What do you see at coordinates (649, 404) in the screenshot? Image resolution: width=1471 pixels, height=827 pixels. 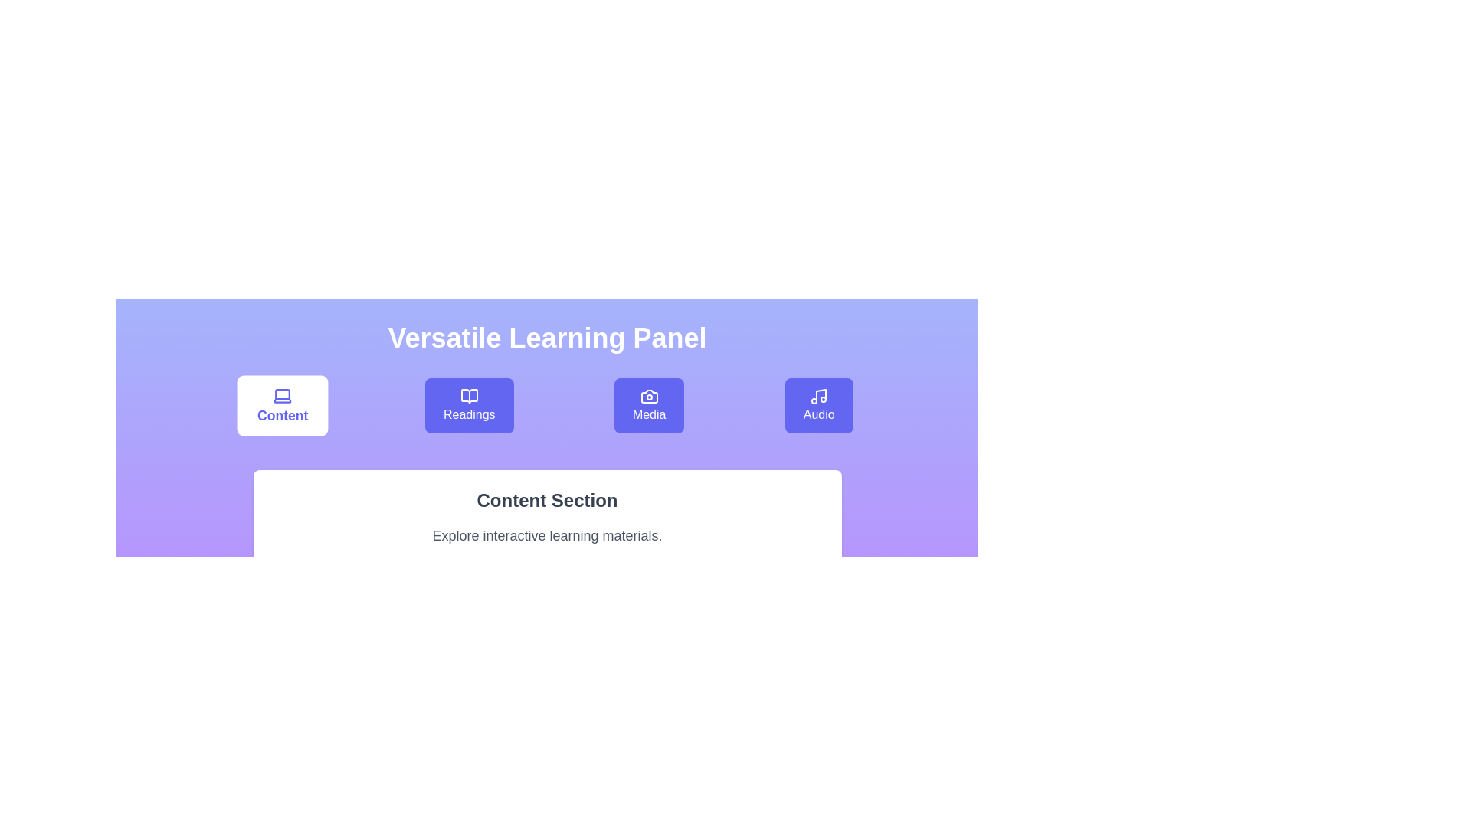 I see `the Media tab to switch to its section` at bounding box center [649, 404].